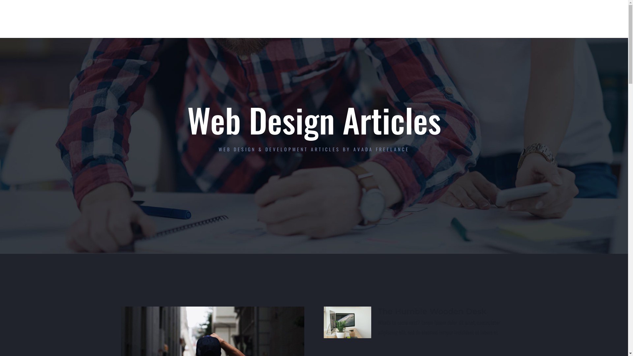 This screenshot has width=633, height=356. I want to click on 'The Humble Wooden Desk', so click(432, 311).